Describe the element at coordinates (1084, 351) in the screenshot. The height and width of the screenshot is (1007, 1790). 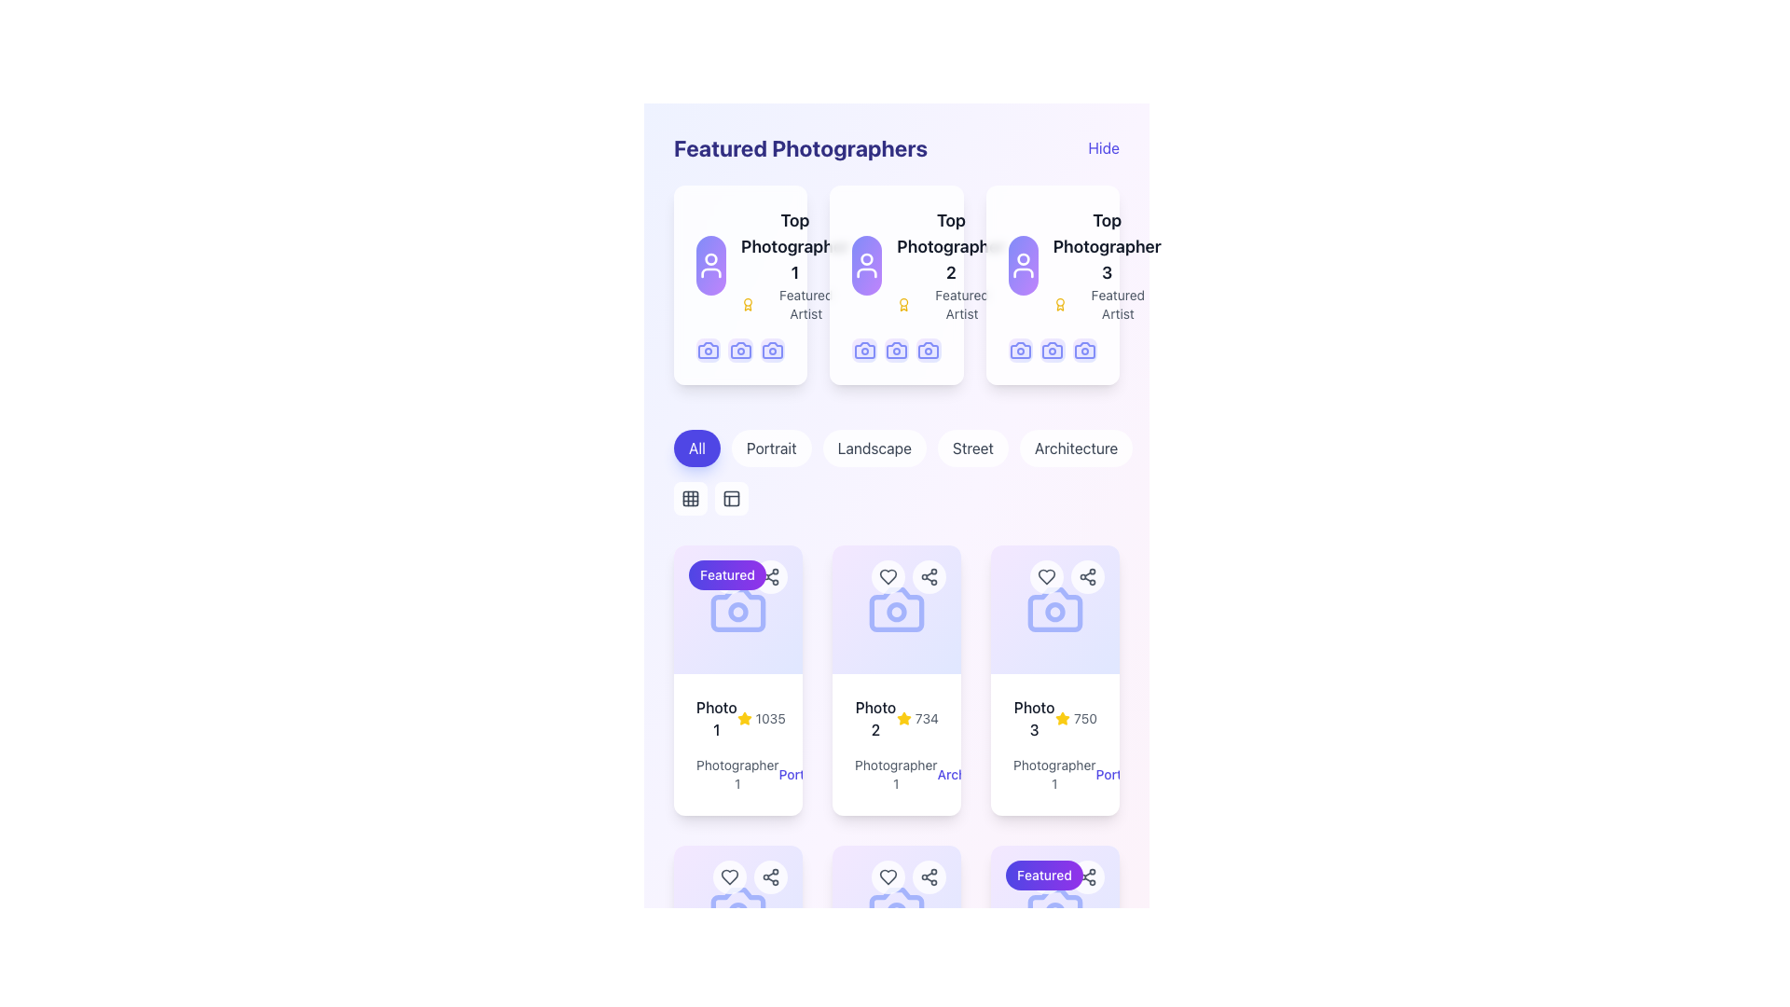
I see `the solid purple camera icon, which is the third item in the row of icons within the 'Top Photographer 3' card of the 'Featured Photographers' section` at that location.